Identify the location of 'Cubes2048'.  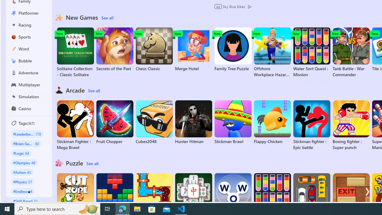
(154, 122).